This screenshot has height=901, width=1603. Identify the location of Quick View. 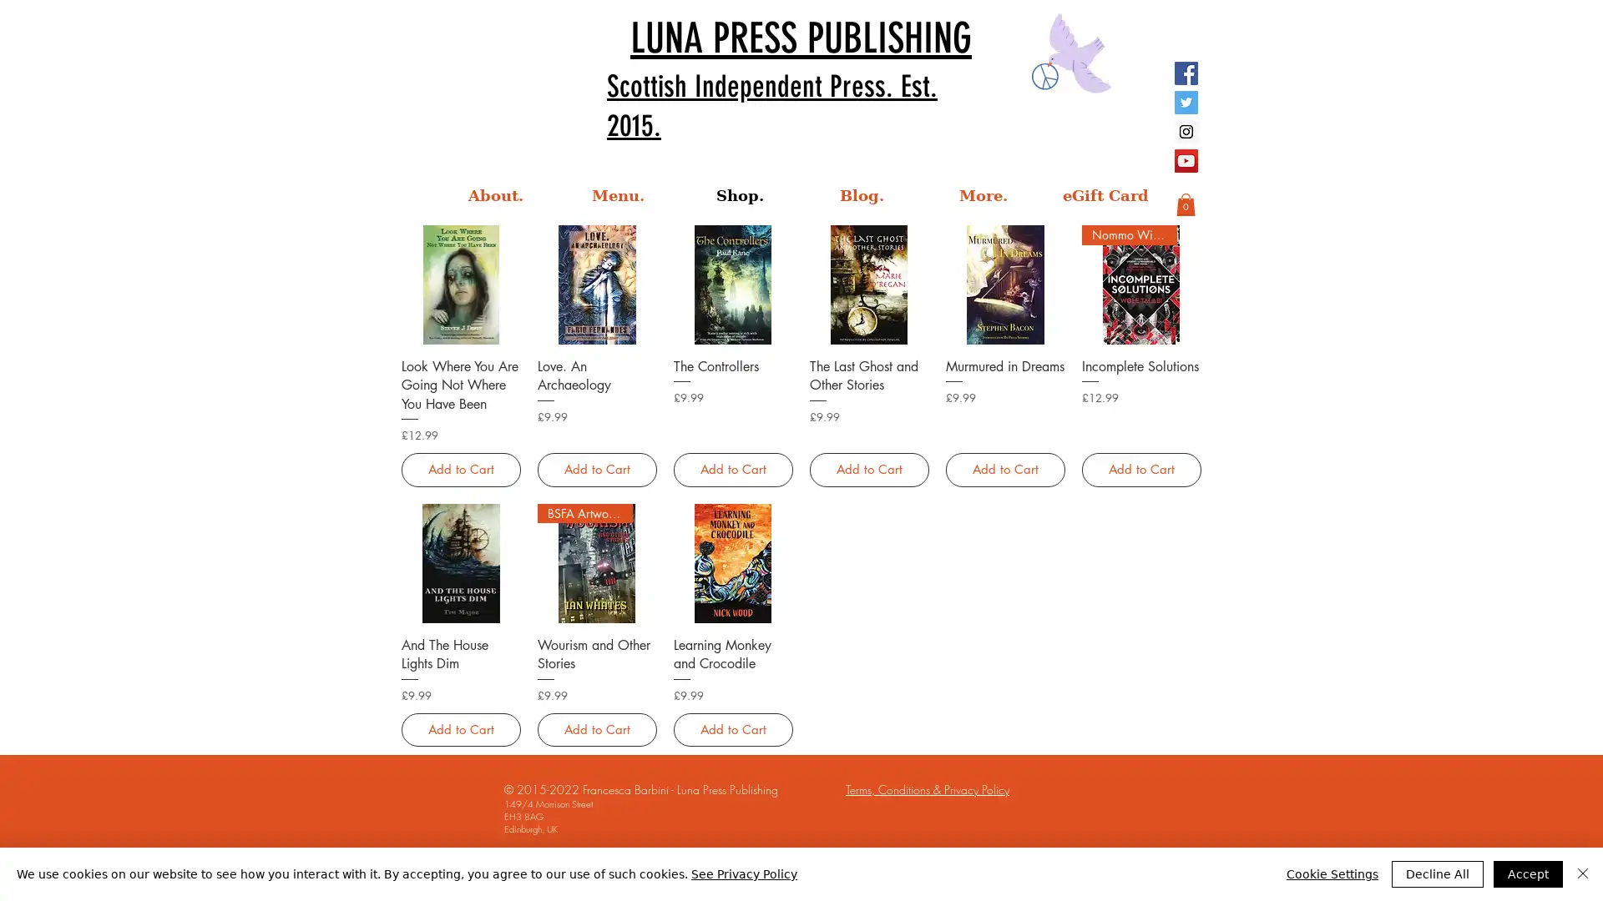
(732, 642).